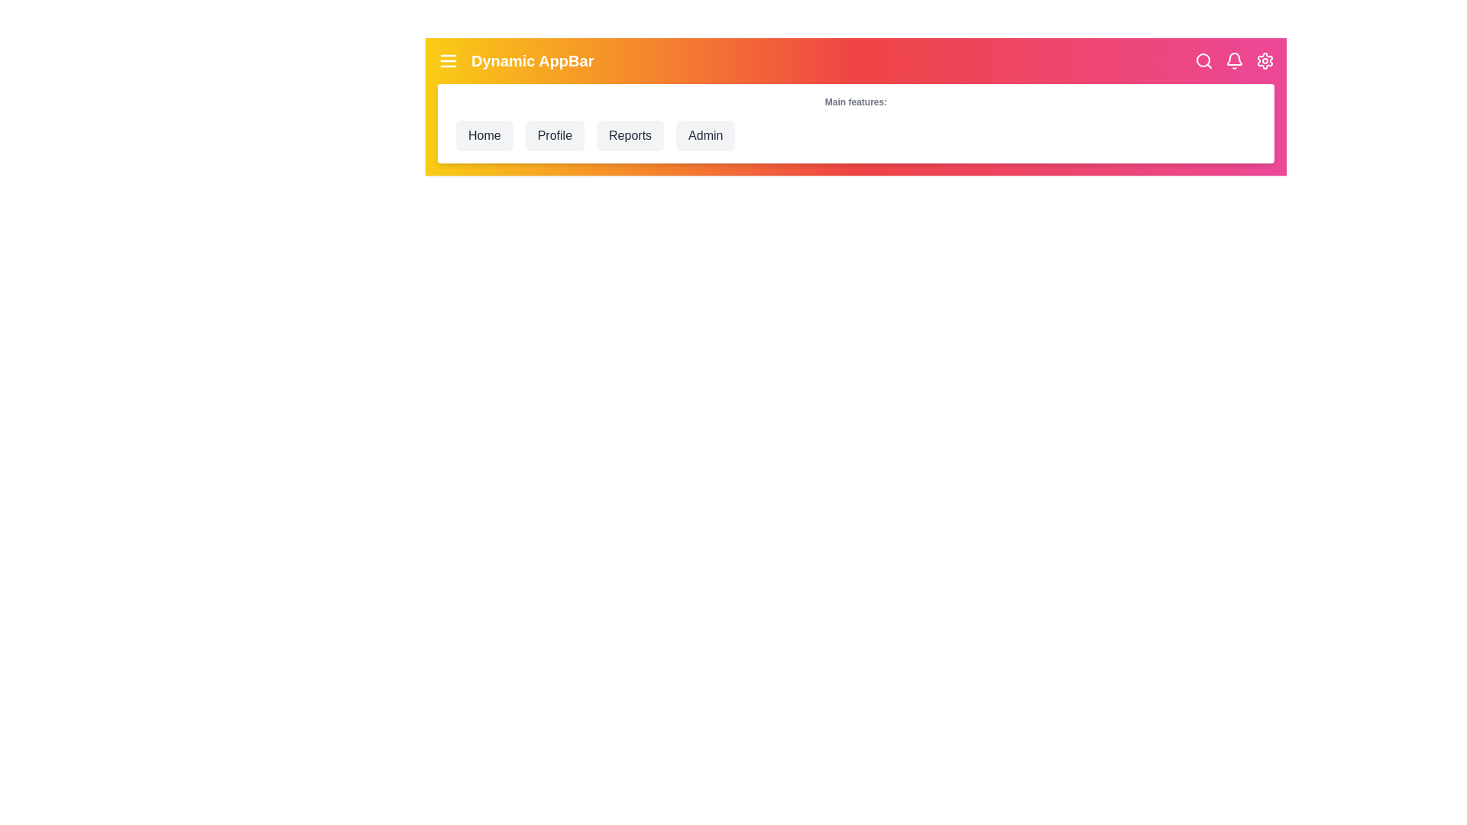 This screenshot has width=1467, height=825. I want to click on the Reports navigation menu item to navigate to its respective section, so click(630, 134).